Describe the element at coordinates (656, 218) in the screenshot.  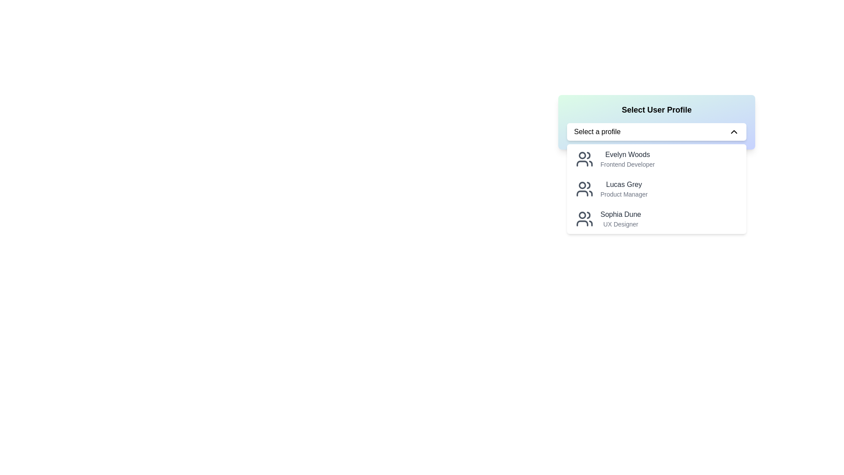
I see `the third item in the dropdown list labeled 'Select User Profile'` at that location.